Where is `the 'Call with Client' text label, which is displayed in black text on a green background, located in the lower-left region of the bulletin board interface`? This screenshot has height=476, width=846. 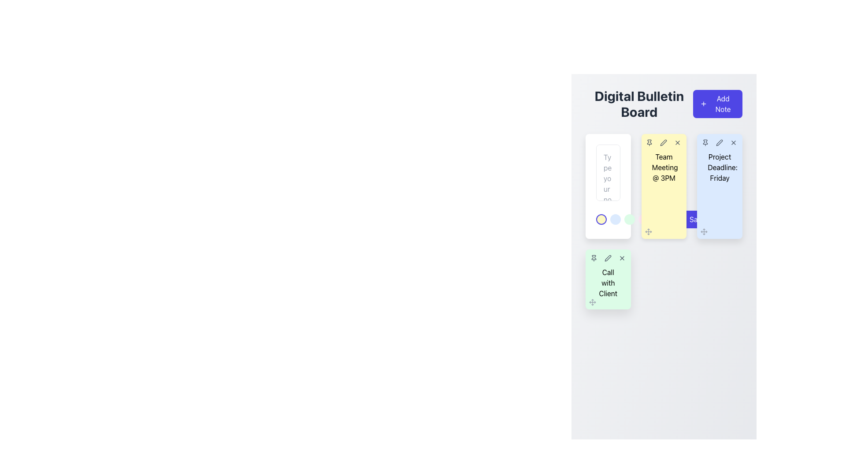
the 'Call with Client' text label, which is displayed in black text on a green background, located in the lower-left region of the bulletin board interface is located at coordinates (608, 283).